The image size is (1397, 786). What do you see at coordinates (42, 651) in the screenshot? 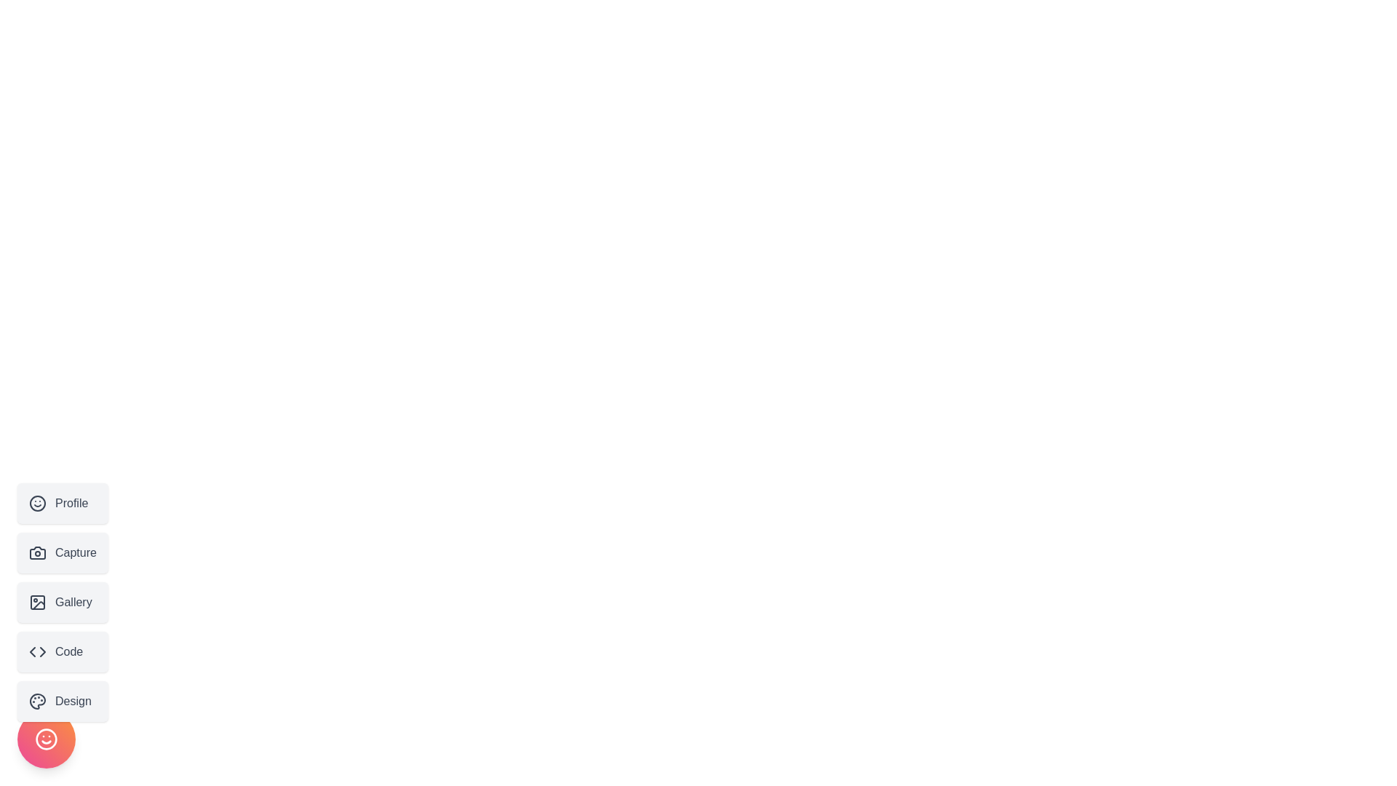
I see `the right-pointing arrowhead SVG element located within the 'Code' button, indicating directional guidance` at bounding box center [42, 651].